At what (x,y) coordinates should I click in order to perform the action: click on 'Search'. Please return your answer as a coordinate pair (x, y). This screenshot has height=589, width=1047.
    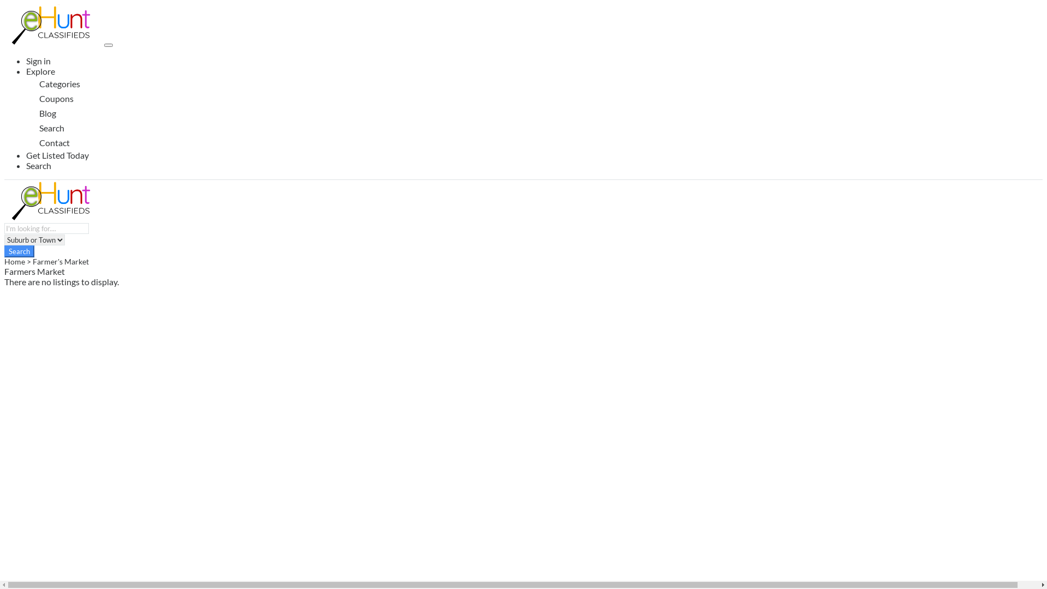
    Looking at the image, I should click on (19, 251).